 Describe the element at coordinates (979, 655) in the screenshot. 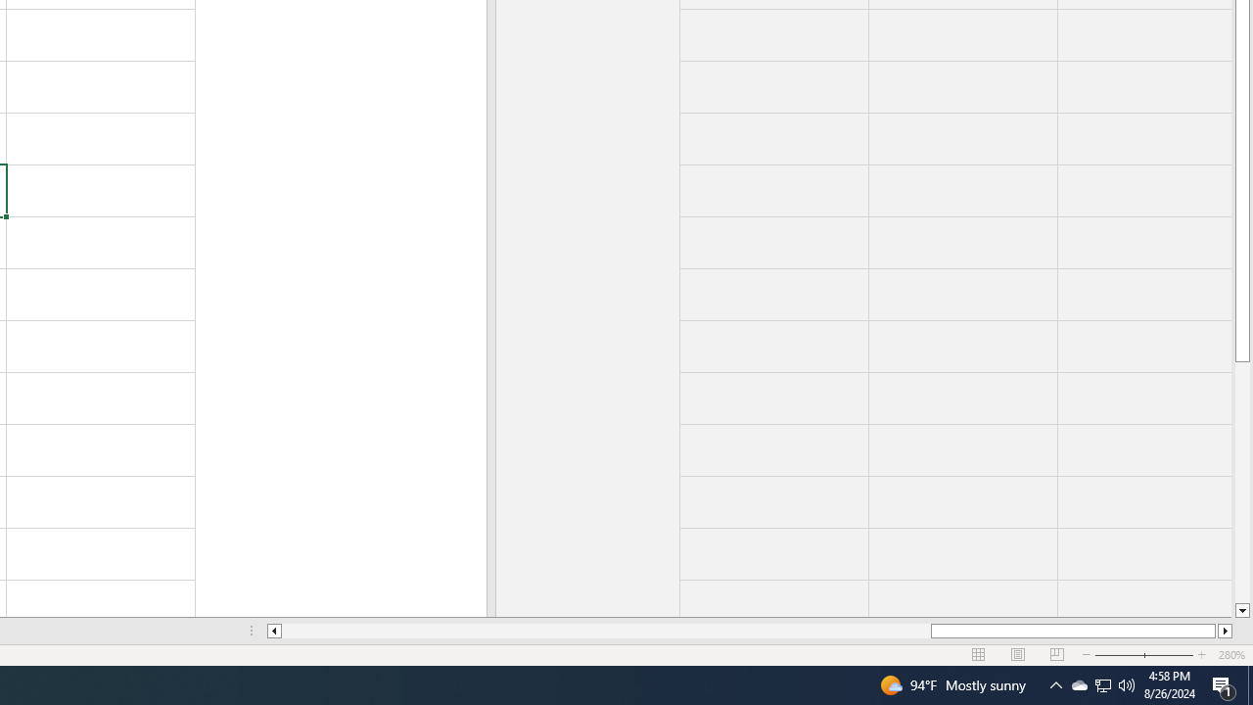

I see `'Normal'` at that location.